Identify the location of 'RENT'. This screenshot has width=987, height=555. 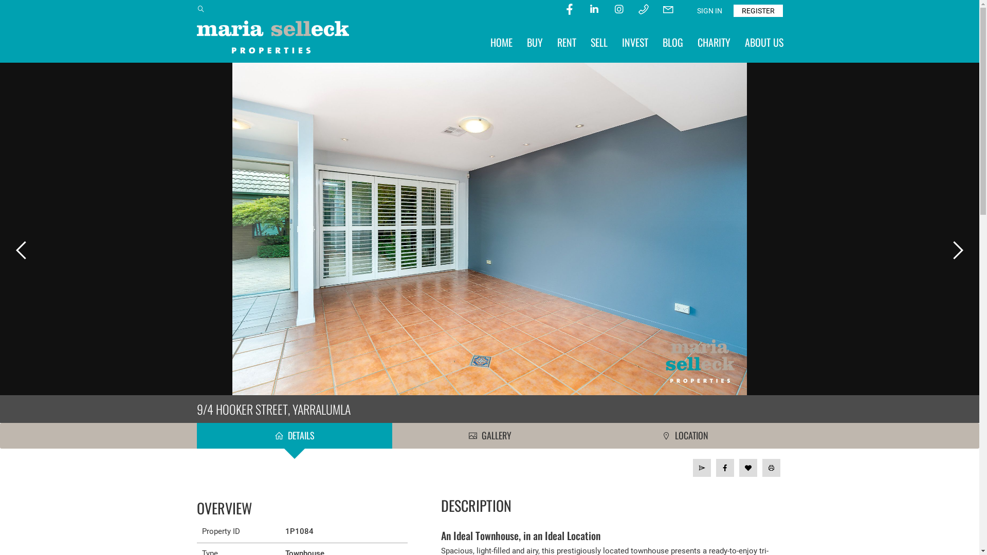
(566, 41).